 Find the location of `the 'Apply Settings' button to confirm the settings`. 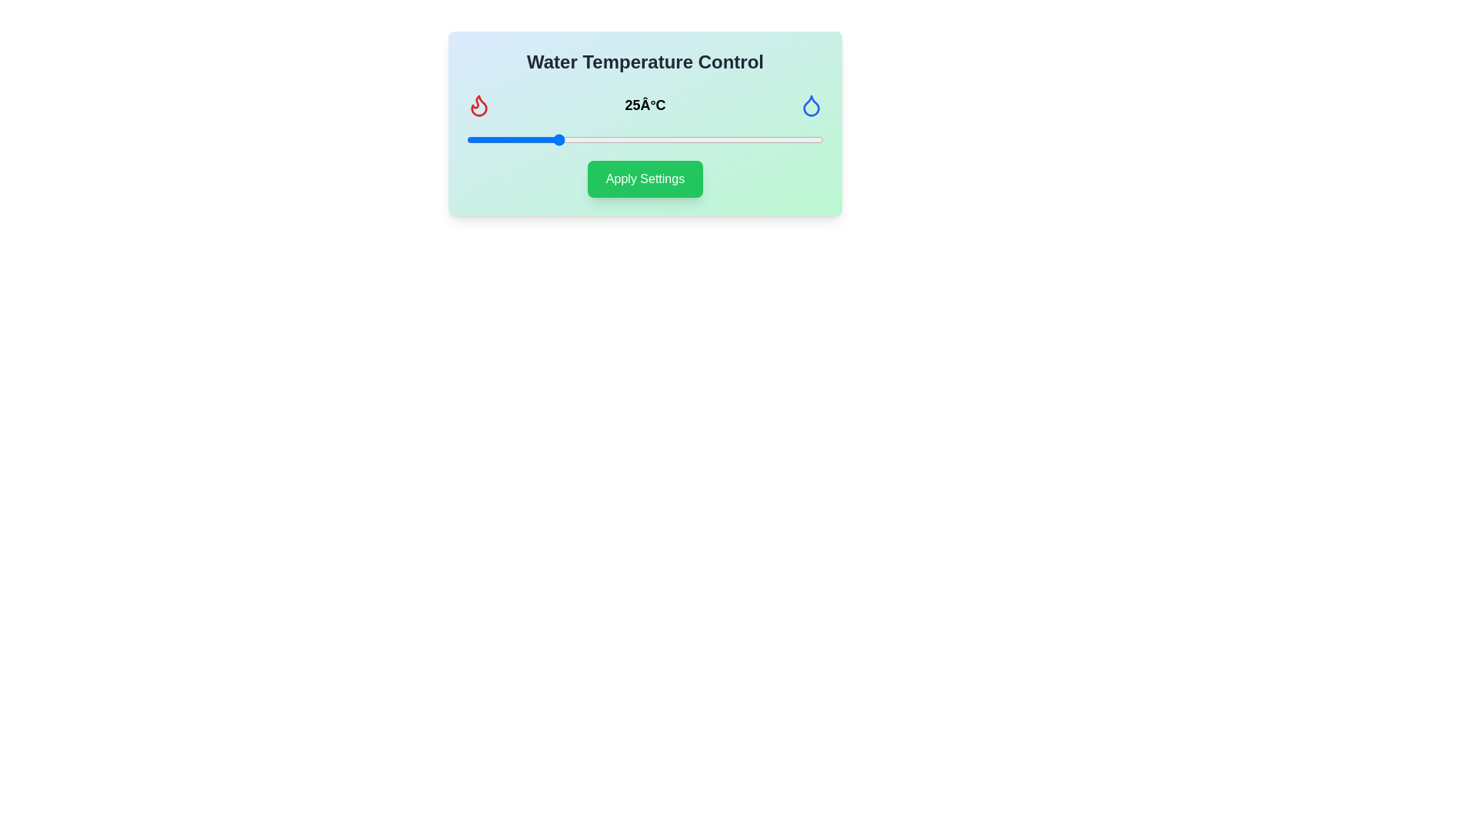

the 'Apply Settings' button to confirm the settings is located at coordinates (645, 178).